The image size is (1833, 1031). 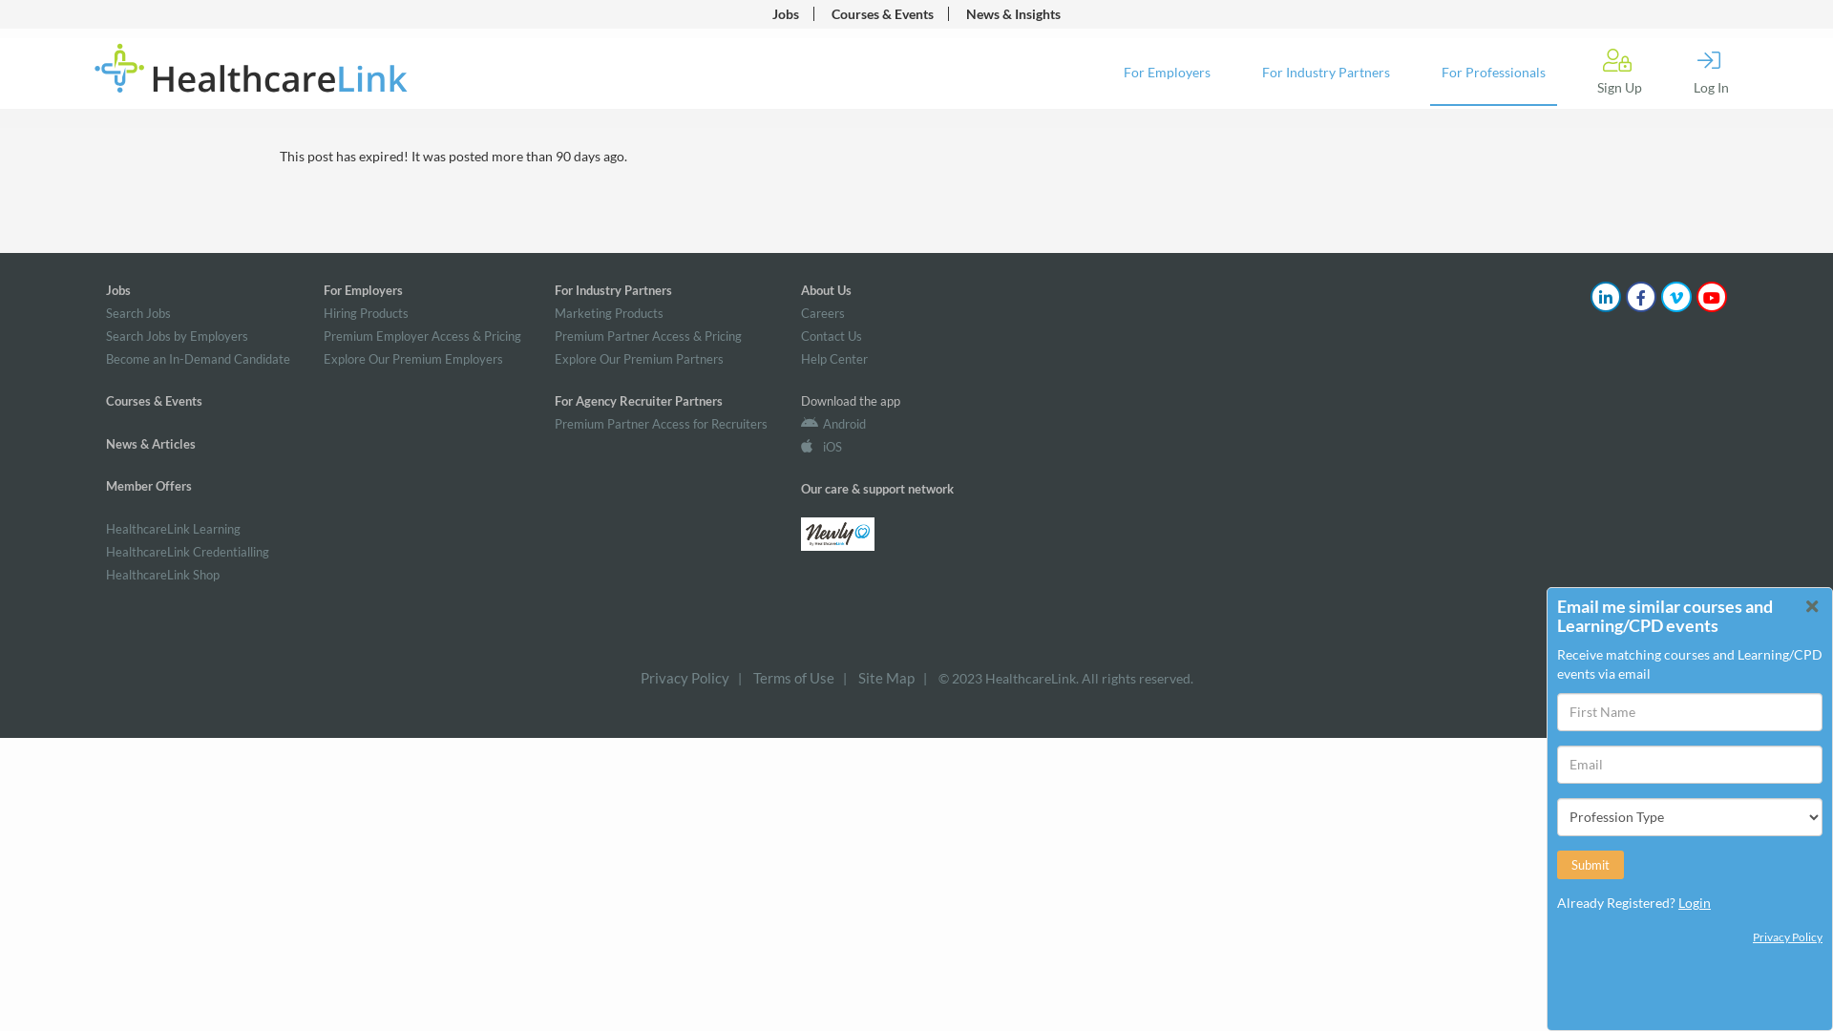 What do you see at coordinates (1166, 73) in the screenshot?
I see `'For Employers'` at bounding box center [1166, 73].